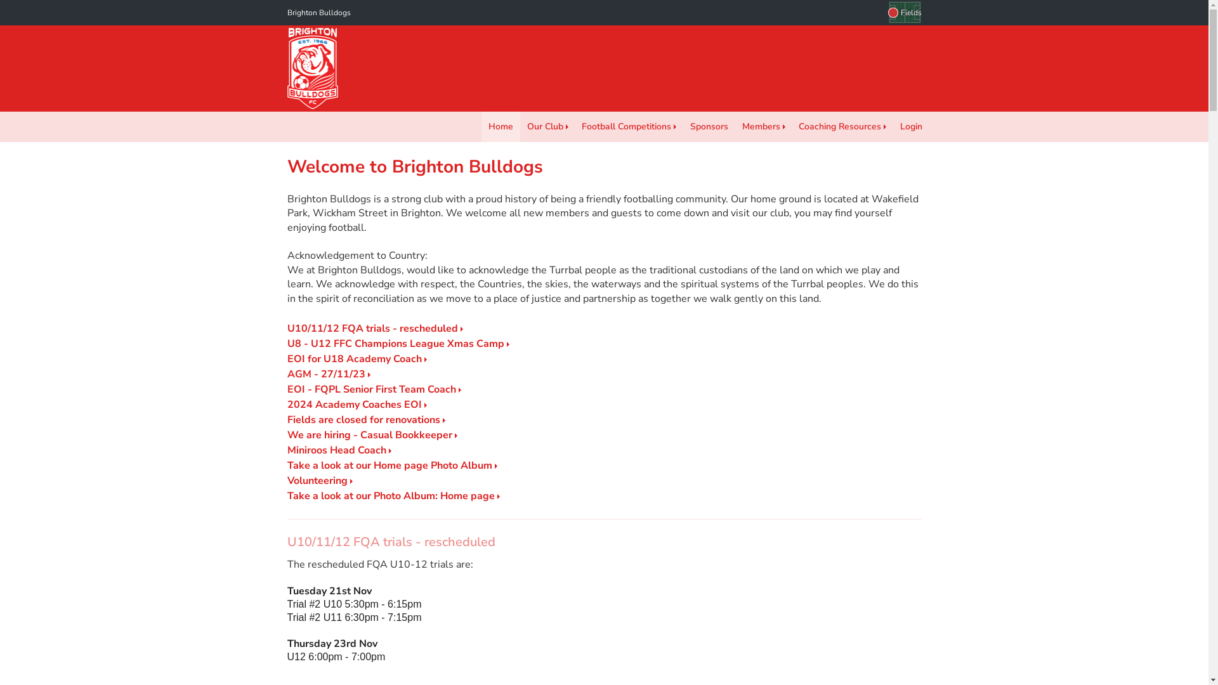 This screenshot has height=685, width=1218. I want to click on 'Coaching Resources', so click(791, 127).